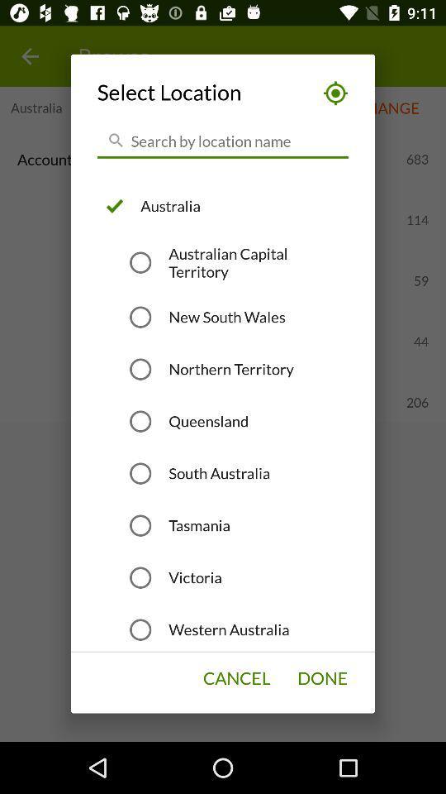  I want to click on the icon below australia item, so click(259, 262).